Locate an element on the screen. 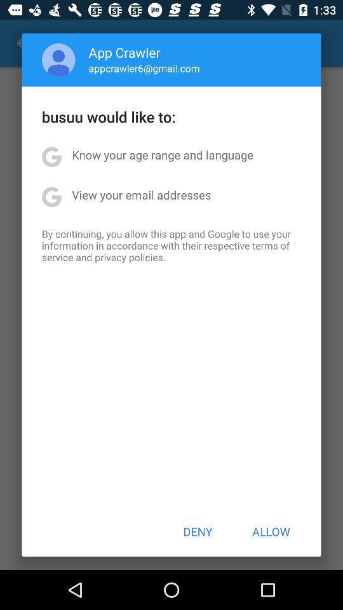 This screenshot has height=610, width=343. the button at the bottom is located at coordinates (198, 531).